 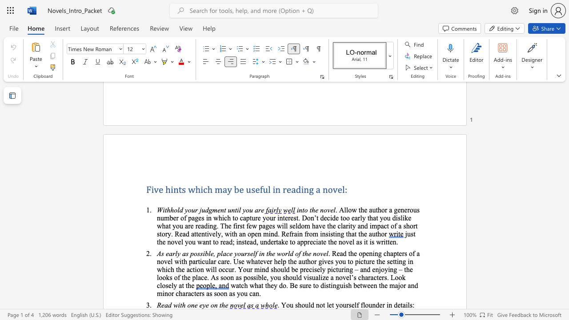 What do you see at coordinates (187, 304) in the screenshot?
I see `the subset text "one eye on the" within the text "Read with one eye on the"` at bounding box center [187, 304].